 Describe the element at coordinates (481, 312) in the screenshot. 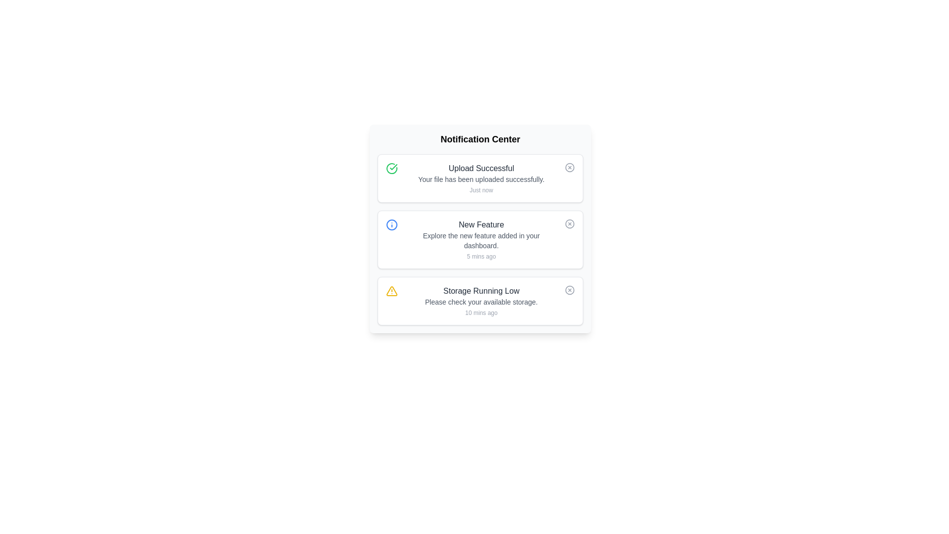

I see `text label displaying '10 mins ago' located beneath the message 'Please check your available storage.' in the bottom-right quadrant of the 'Storage Running Low' notification card` at that location.